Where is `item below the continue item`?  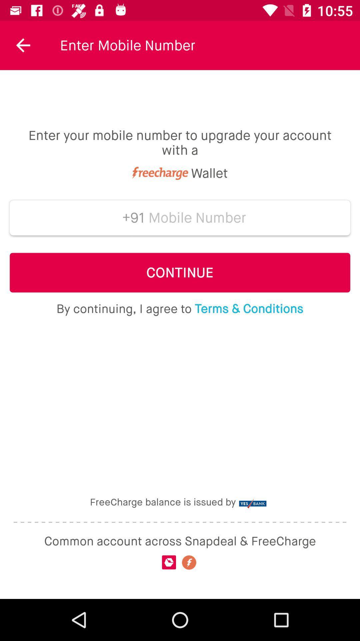 item below the continue item is located at coordinates (179, 308).